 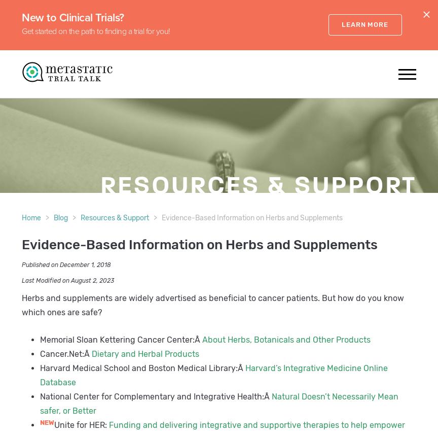 I want to click on 'Published on December 1, 2018', so click(x=65, y=264).